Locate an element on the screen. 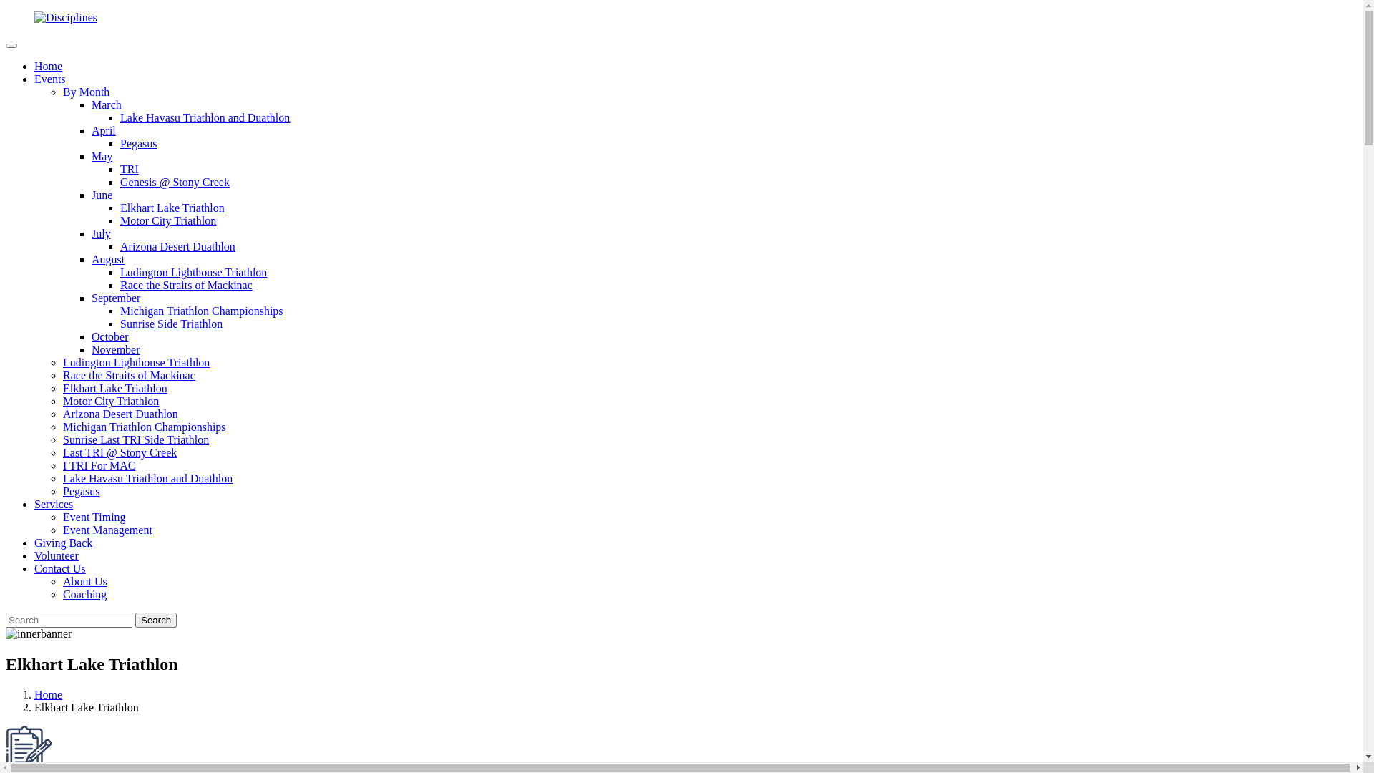 The width and height of the screenshot is (1374, 773). 'June' is located at coordinates (101, 195).